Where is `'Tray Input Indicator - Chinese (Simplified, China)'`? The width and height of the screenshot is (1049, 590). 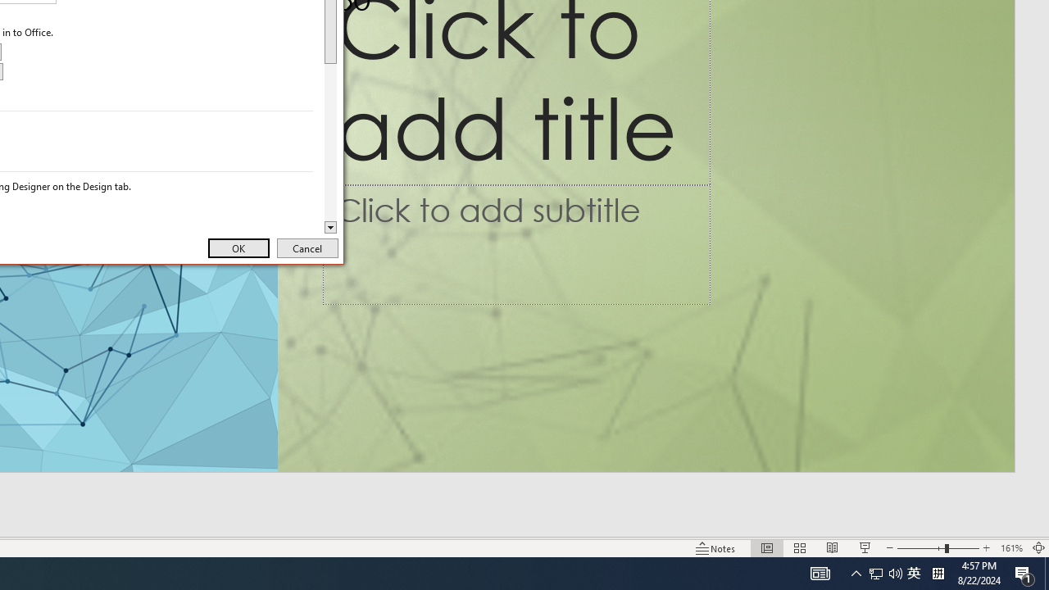 'Tray Input Indicator - Chinese (Simplified, China)' is located at coordinates (895, 572).